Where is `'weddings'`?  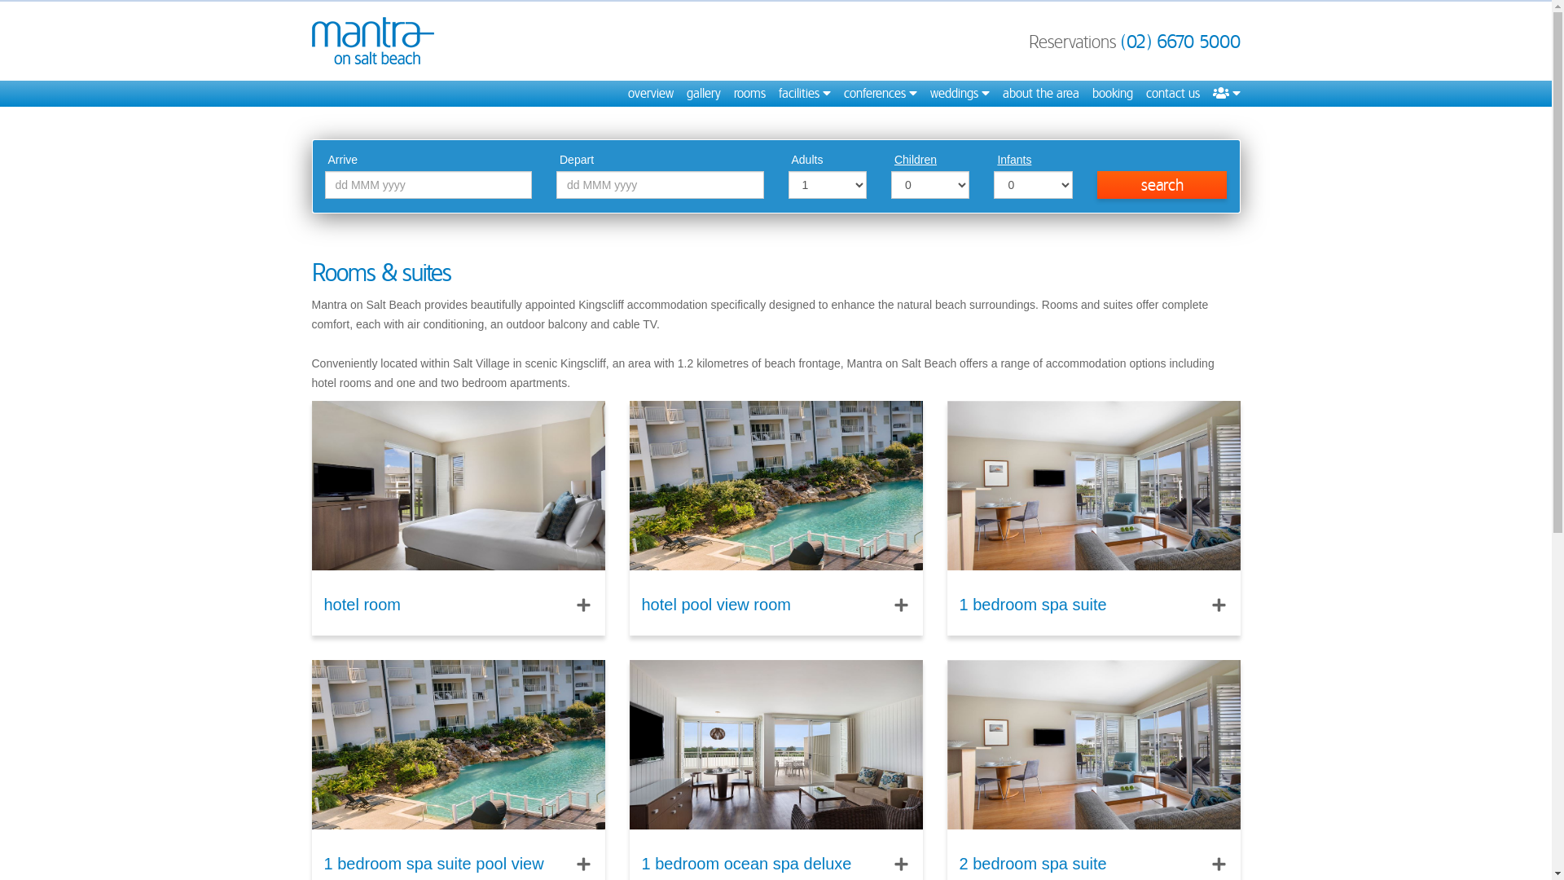
'weddings' is located at coordinates (960, 94).